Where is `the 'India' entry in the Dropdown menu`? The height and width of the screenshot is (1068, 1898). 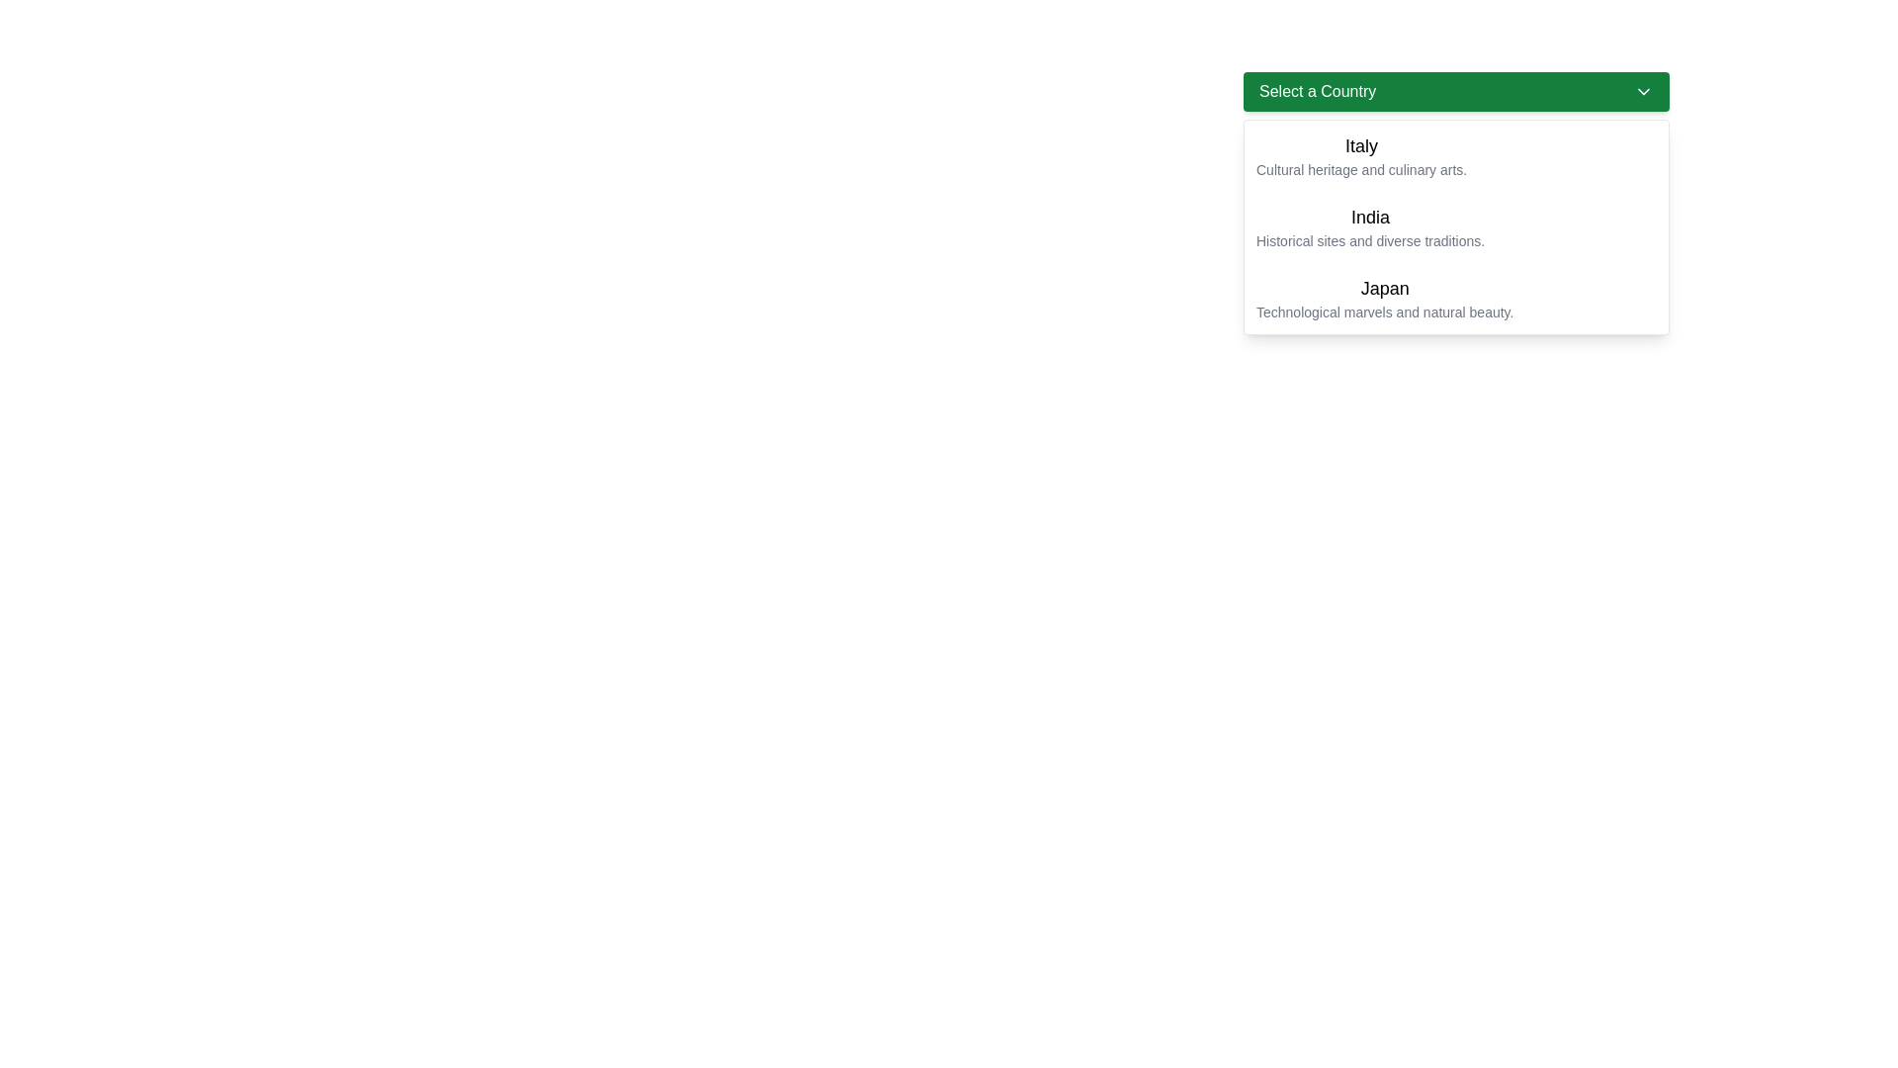
the 'India' entry in the Dropdown menu is located at coordinates (1456, 226).